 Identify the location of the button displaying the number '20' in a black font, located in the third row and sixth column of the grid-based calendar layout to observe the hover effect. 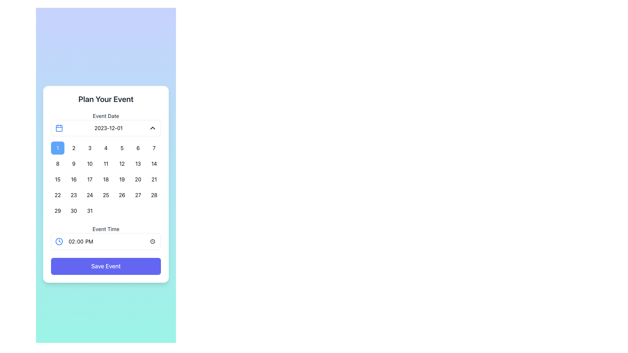
(138, 179).